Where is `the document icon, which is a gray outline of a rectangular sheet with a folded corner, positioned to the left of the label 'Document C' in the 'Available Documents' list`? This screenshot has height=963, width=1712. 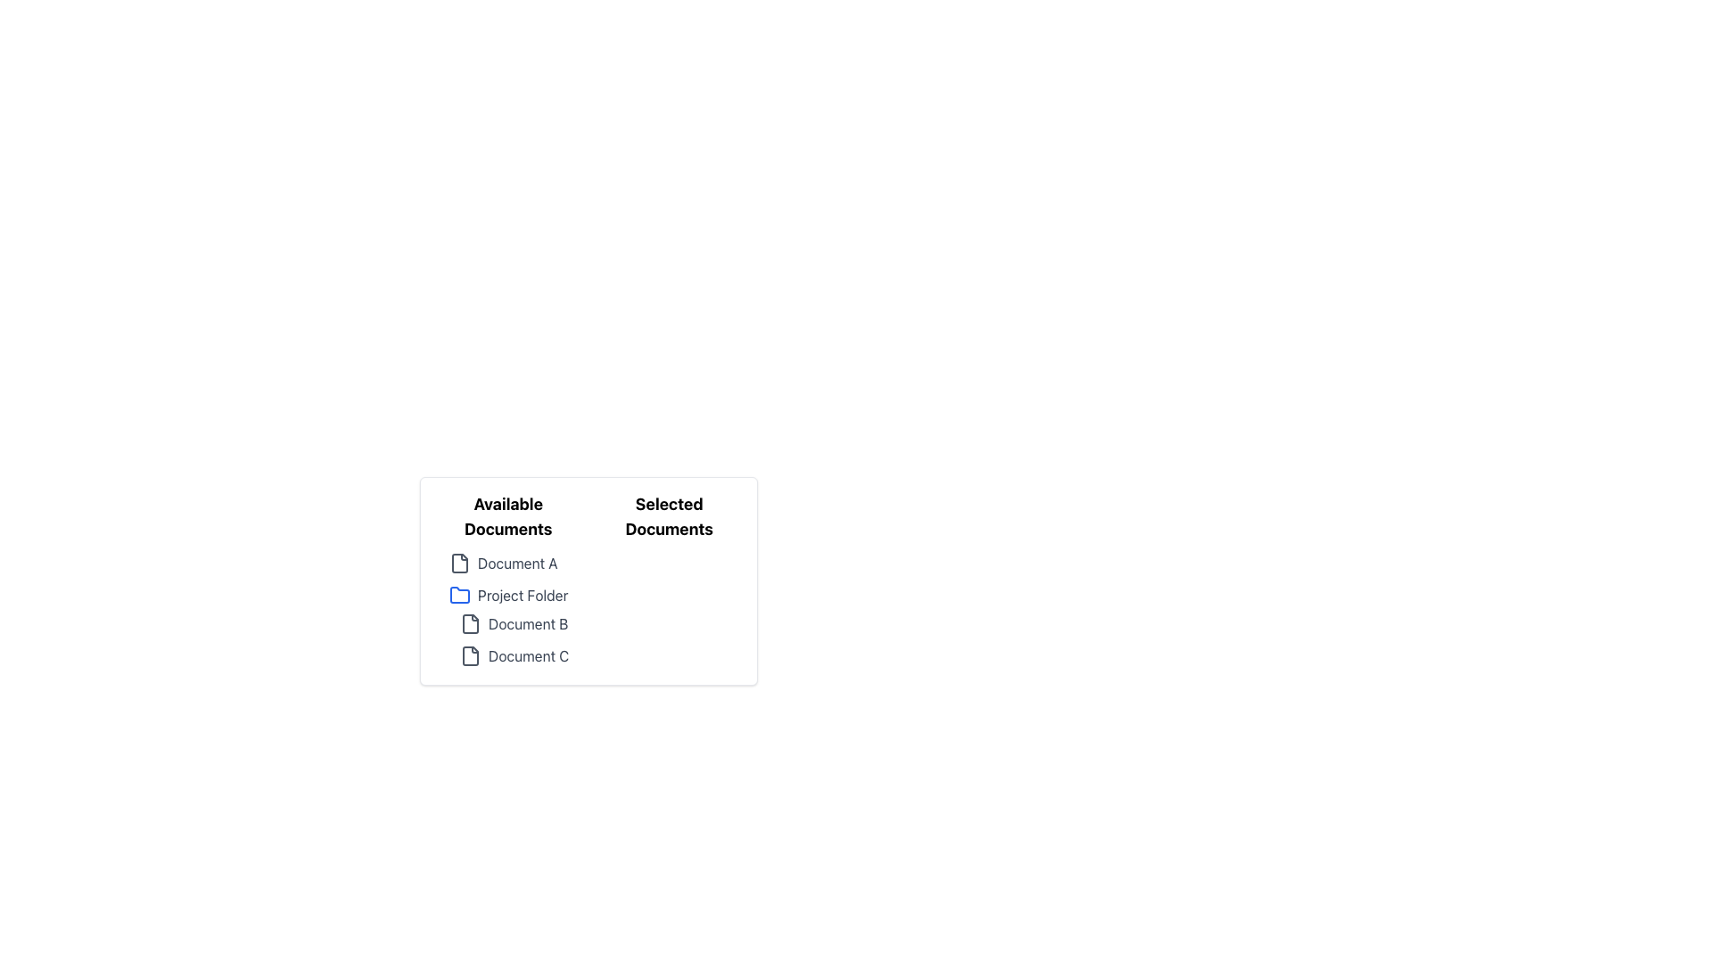
the document icon, which is a gray outline of a rectangular sheet with a folded corner, positioned to the left of the label 'Document C' in the 'Available Documents' list is located at coordinates (471, 656).